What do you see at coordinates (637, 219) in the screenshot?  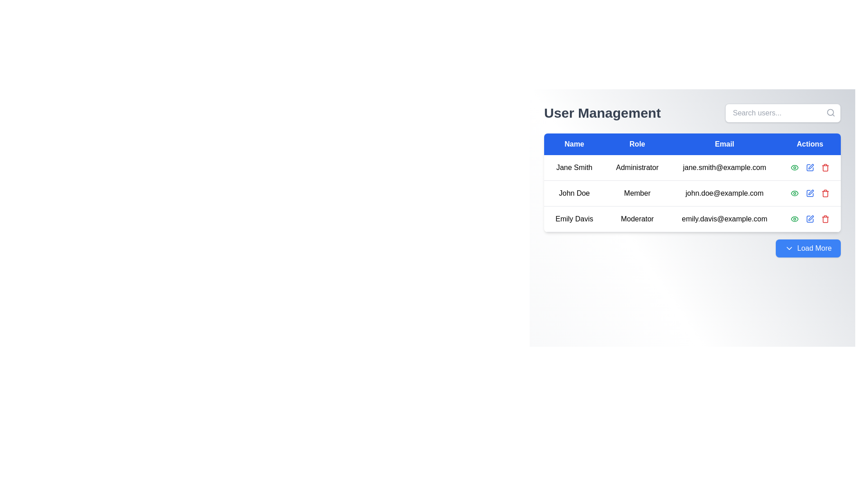 I see `the 'Role' text label for user 'Emily Davis' located in the User Management section, specifically in the third row between the Name and Email columns` at bounding box center [637, 219].